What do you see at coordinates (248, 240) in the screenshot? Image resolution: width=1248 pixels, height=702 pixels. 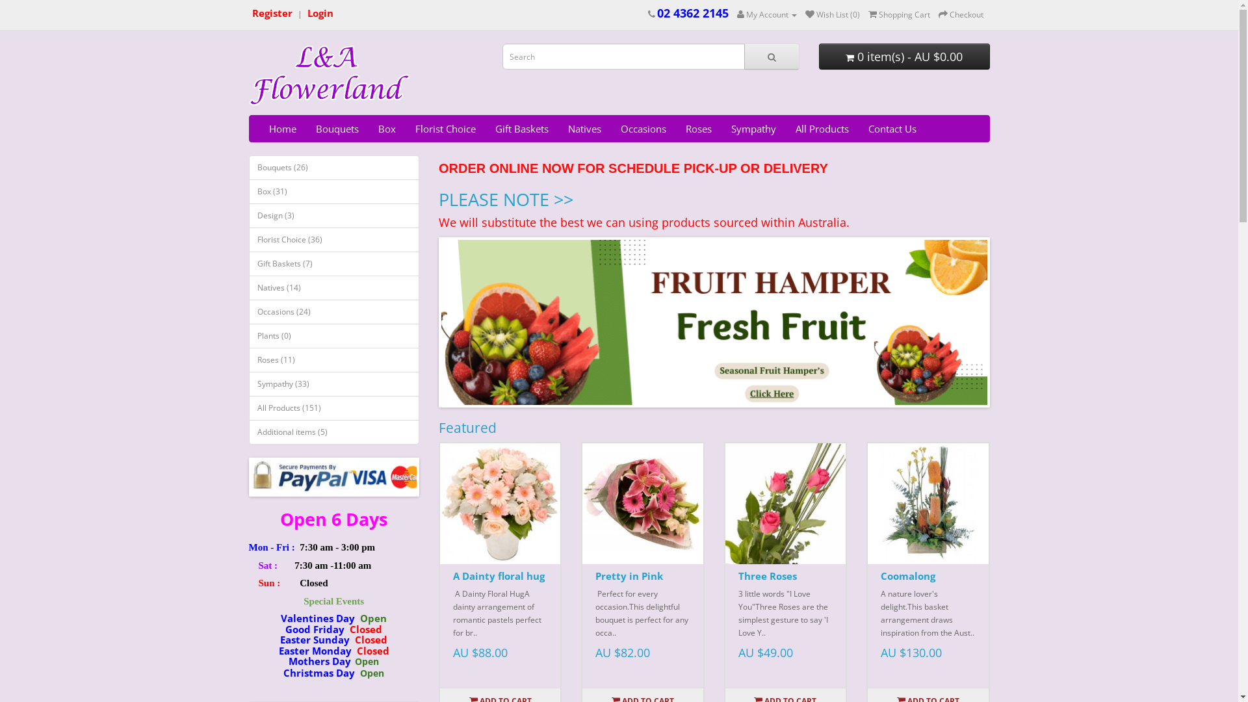 I see `'Florist Choice (36)'` at bounding box center [248, 240].